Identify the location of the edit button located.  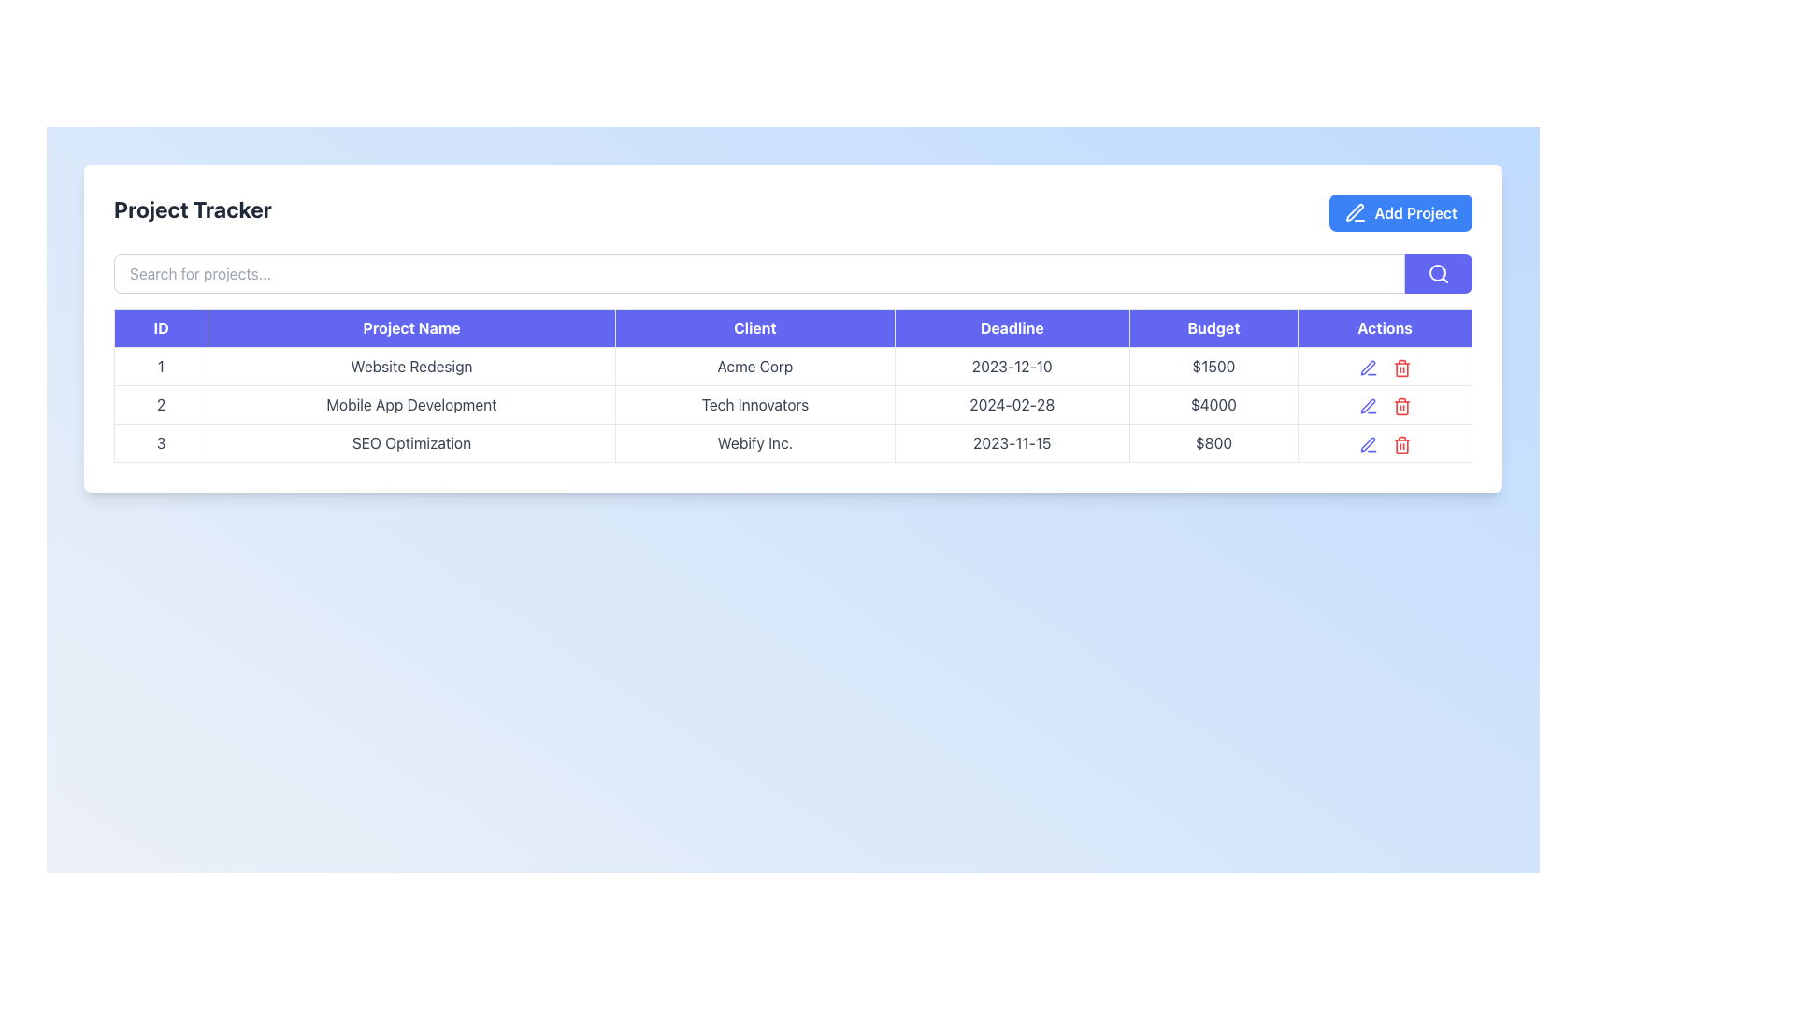
(1368, 403).